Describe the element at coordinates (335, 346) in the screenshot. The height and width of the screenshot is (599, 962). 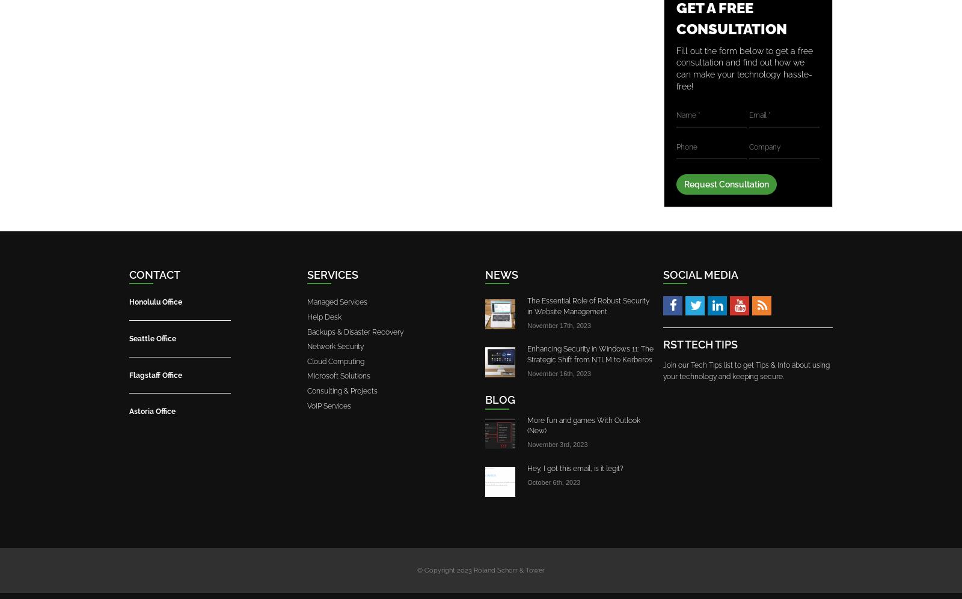
I see `'Network Security'` at that location.